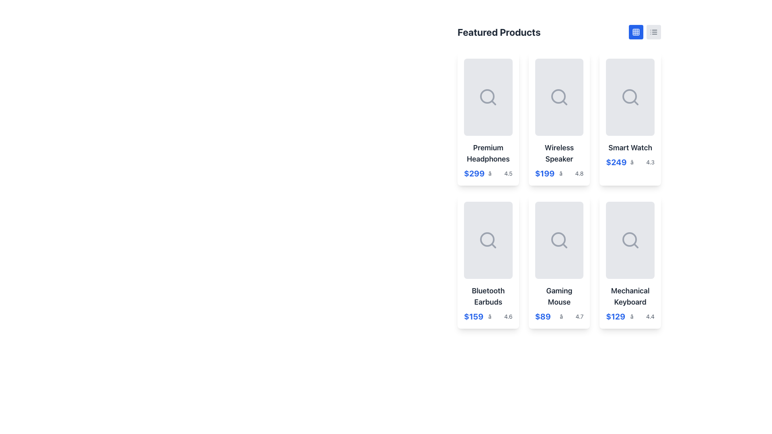 Image resolution: width=772 pixels, height=434 pixels. What do you see at coordinates (559, 97) in the screenshot?
I see `the placeholder area with a magnifying glass icon in the 'Wireless Speaker' card, which is the second card in the first row of the product grid` at bounding box center [559, 97].